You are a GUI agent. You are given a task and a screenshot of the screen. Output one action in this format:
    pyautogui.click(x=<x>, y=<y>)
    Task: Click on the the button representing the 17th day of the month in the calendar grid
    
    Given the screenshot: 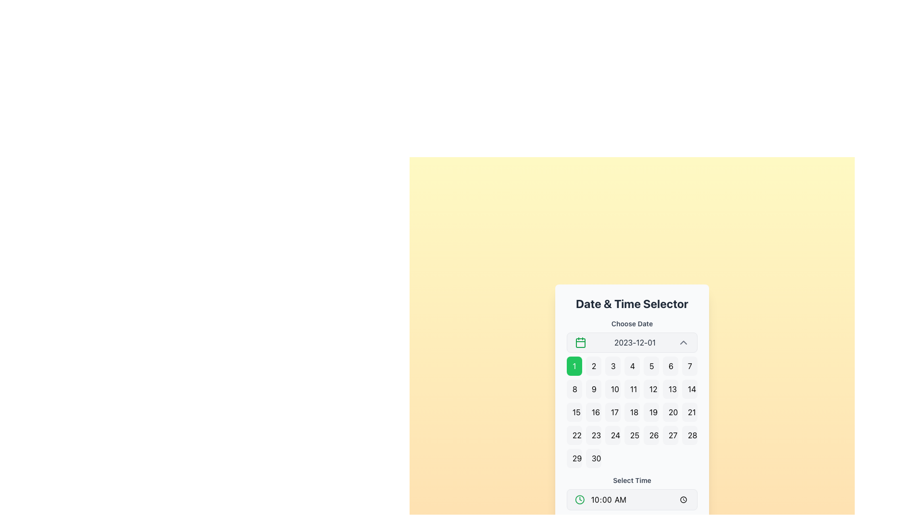 What is the action you would take?
    pyautogui.click(x=612, y=411)
    